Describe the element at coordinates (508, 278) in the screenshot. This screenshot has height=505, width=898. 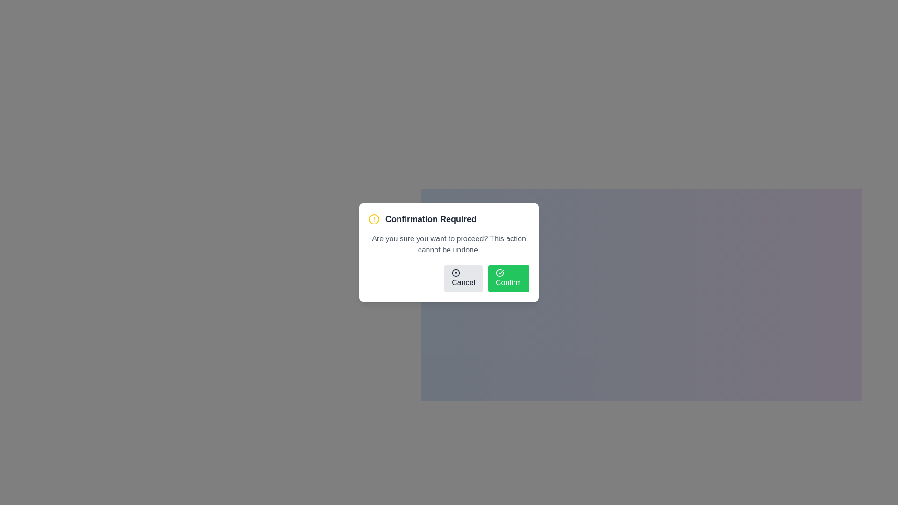
I see `the green 'Confirm' button with white text and a checkmark icon located at the bottom right corner of the modal dialog box` at that location.